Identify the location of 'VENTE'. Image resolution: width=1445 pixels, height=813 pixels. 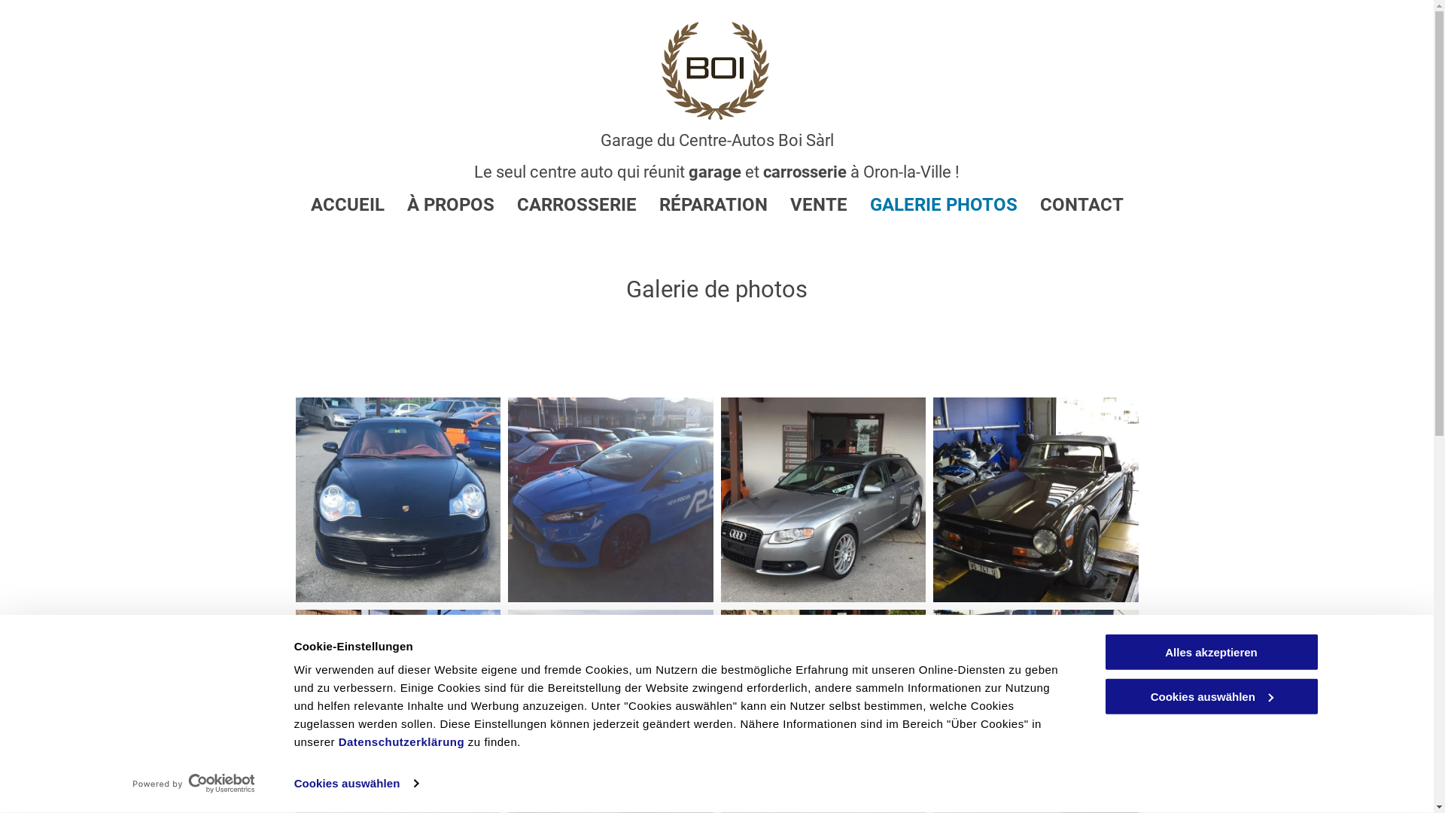
(807, 205).